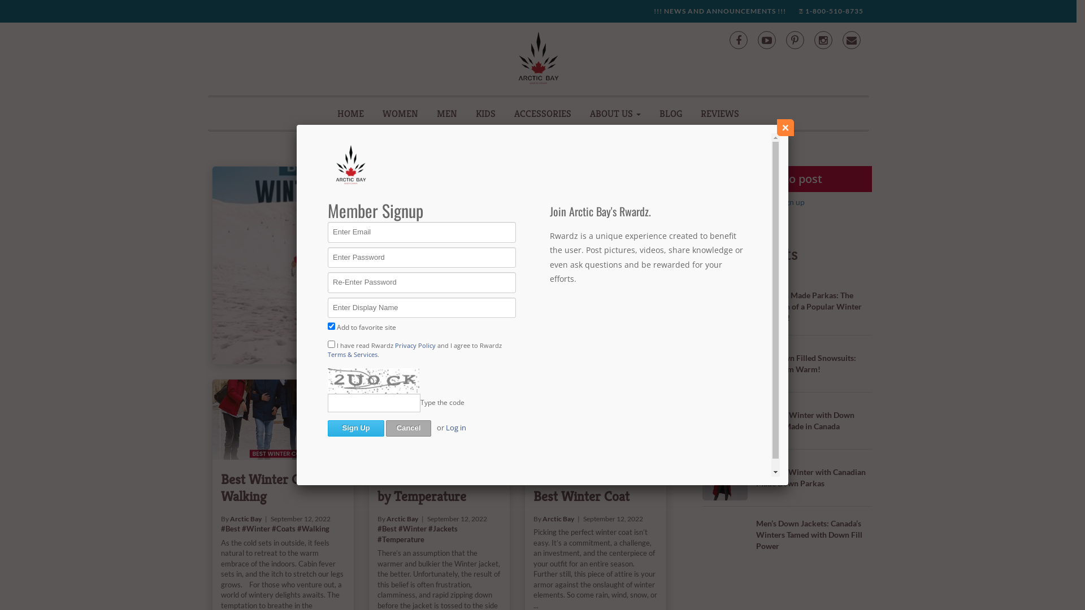 The width and height of the screenshot is (1085, 610). What do you see at coordinates (377, 529) in the screenshot?
I see `'#Best'` at bounding box center [377, 529].